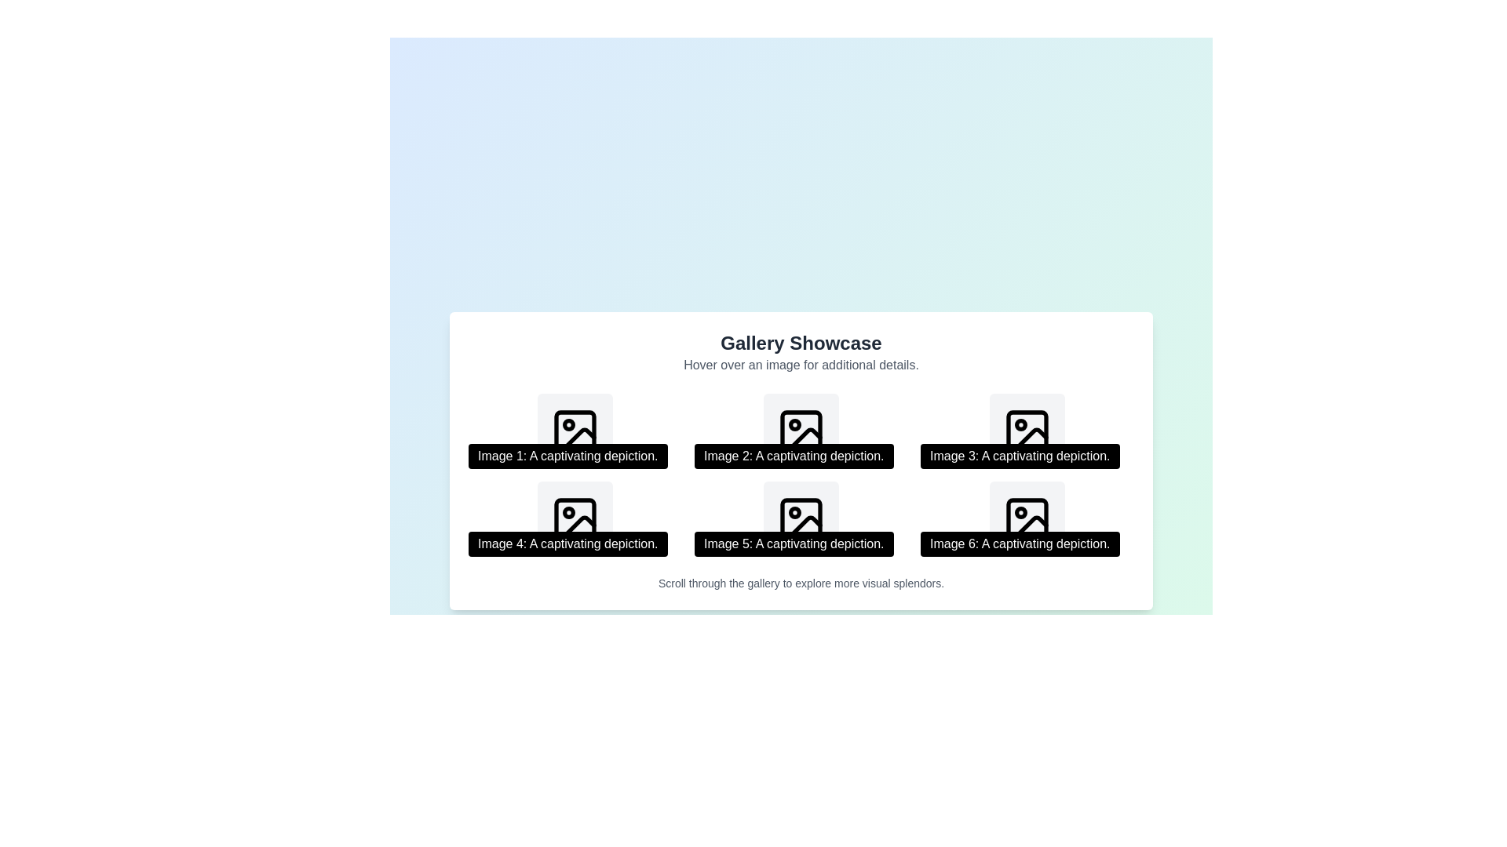 This screenshot has height=847, width=1507. Describe the element at coordinates (801, 583) in the screenshot. I see `the text element displaying the message 'Scroll through the gallery` at that location.